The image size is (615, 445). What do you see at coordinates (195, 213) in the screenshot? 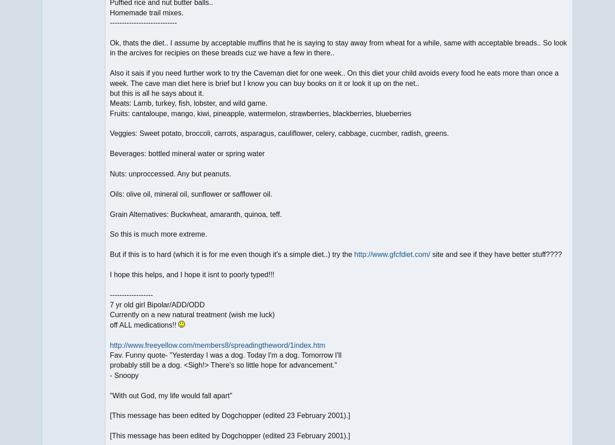
I see `'Grain Alternatives: Buckwheat, amaranth, quinoa, teff.'` at bounding box center [195, 213].